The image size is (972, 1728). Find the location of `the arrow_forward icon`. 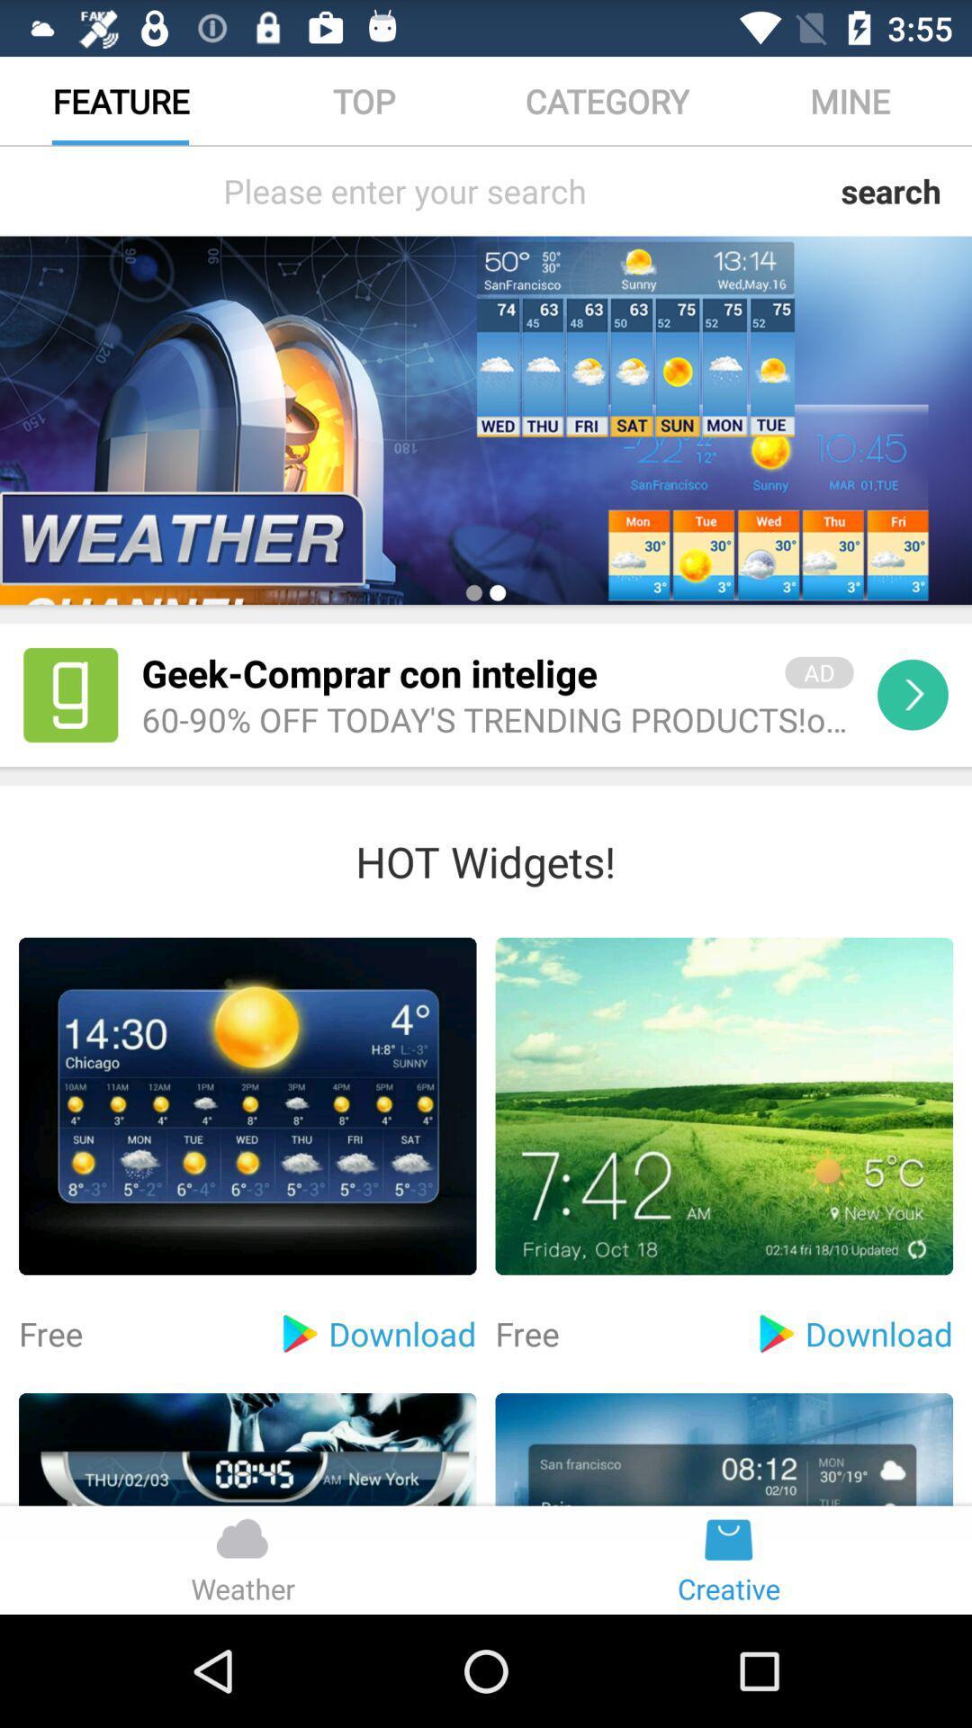

the arrow_forward icon is located at coordinates (913, 743).